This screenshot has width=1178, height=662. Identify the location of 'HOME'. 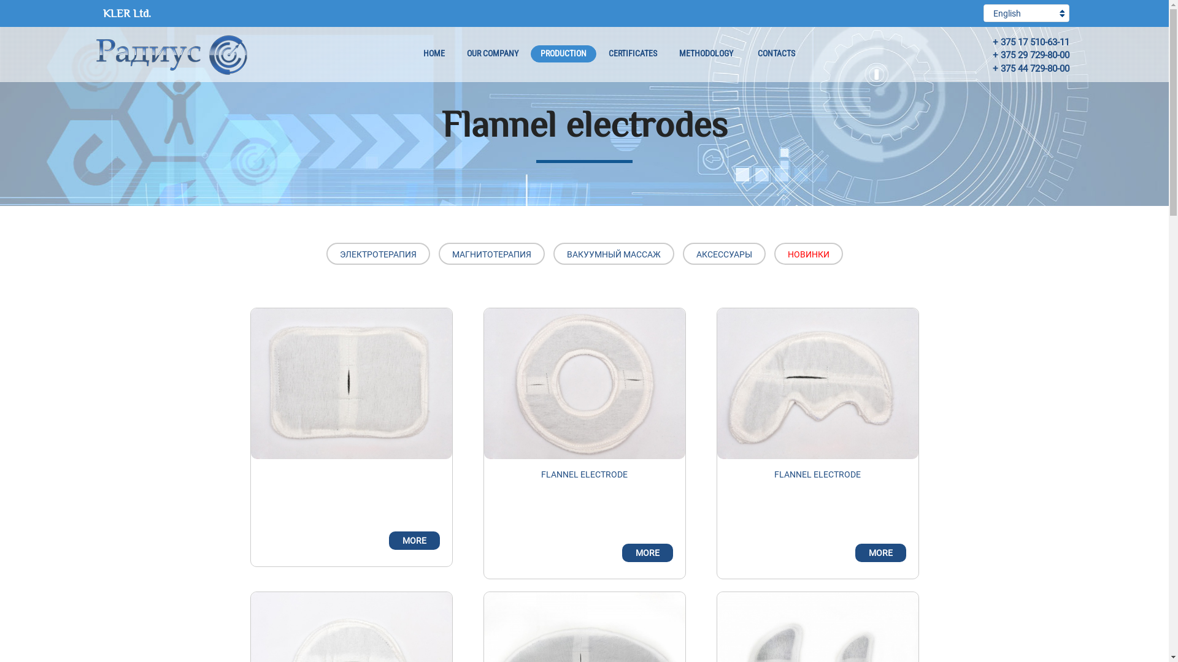
(434, 53).